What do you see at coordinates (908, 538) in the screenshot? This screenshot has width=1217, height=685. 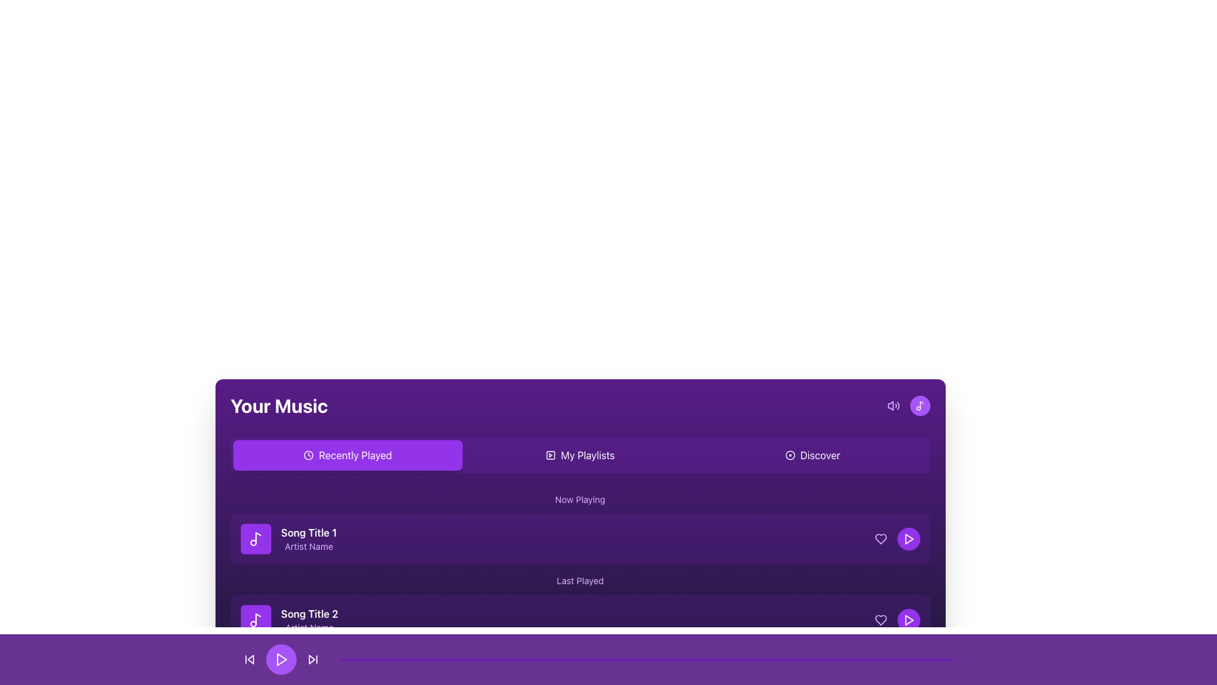 I see `the circular button with a purple background and a triangular play icon` at bounding box center [908, 538].